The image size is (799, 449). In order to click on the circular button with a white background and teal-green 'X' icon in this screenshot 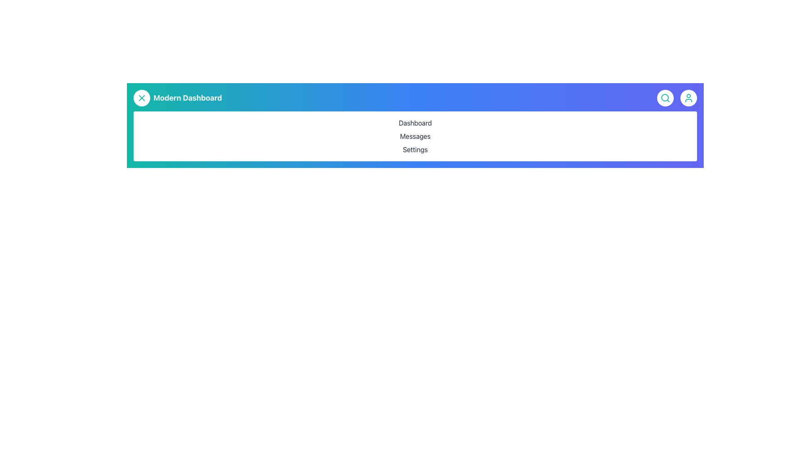, I will do `click(141, 97)`.